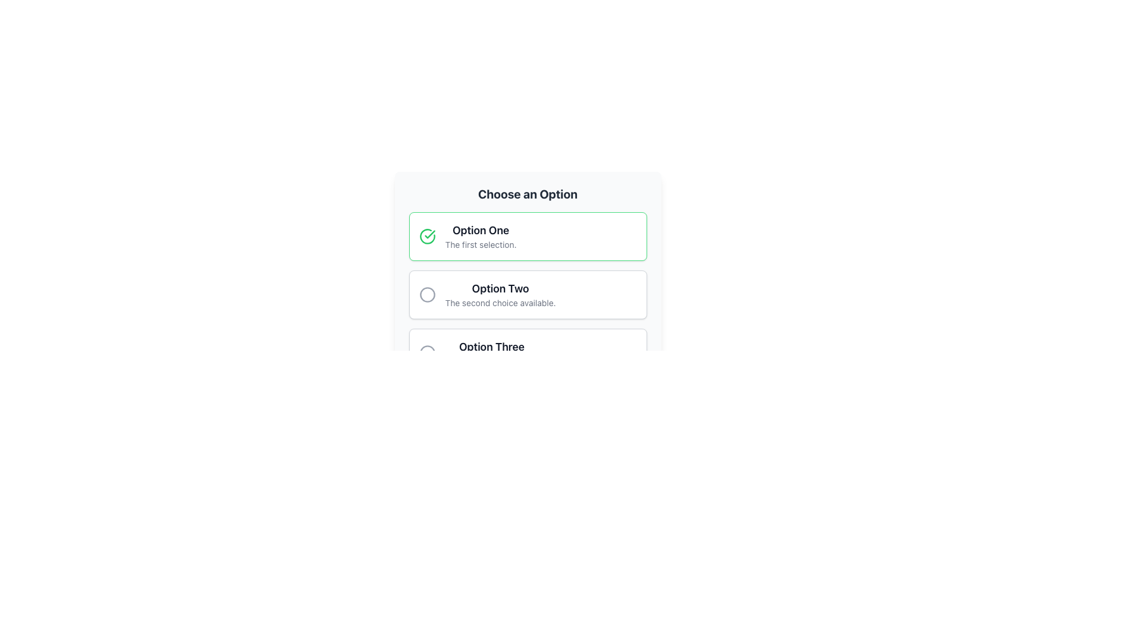  Describe the element at coordinates (481, 244) in the screenshot. I see `the descriptive text label displaying 'The first selection.' which is positioned below the 'Option One' heading in the first option of the list` at that location.